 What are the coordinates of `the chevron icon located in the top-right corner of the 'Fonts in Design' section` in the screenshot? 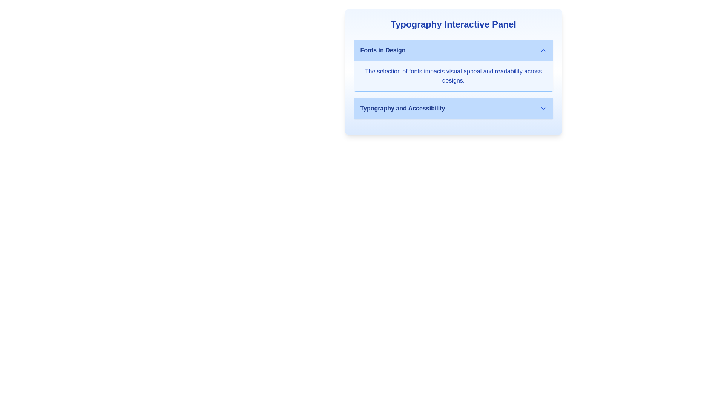 It's located at (543, 50).